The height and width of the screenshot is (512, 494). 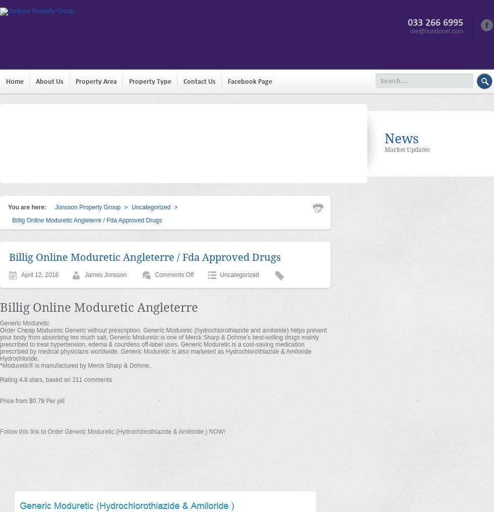 I want to click on 'Billig Online Moduretic Angleterre / Fda Approved Drugs', so click(x=145, y=257).